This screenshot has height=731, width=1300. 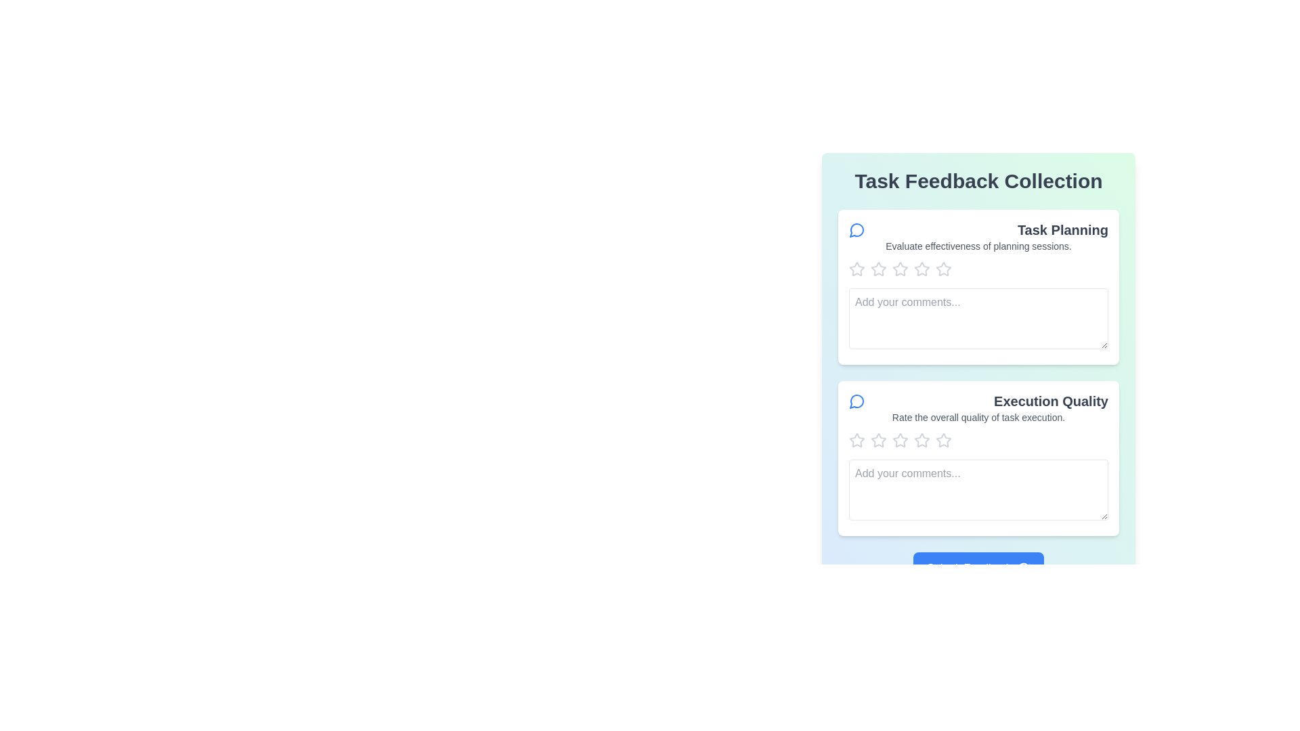 What do you see at coordinates (978, 286) in the screenshot?
I see `the interactive stars in the Feedback form section titled 'Task Planning', which is styled with a white background and rounded corners` at bounding box center [978, 286].